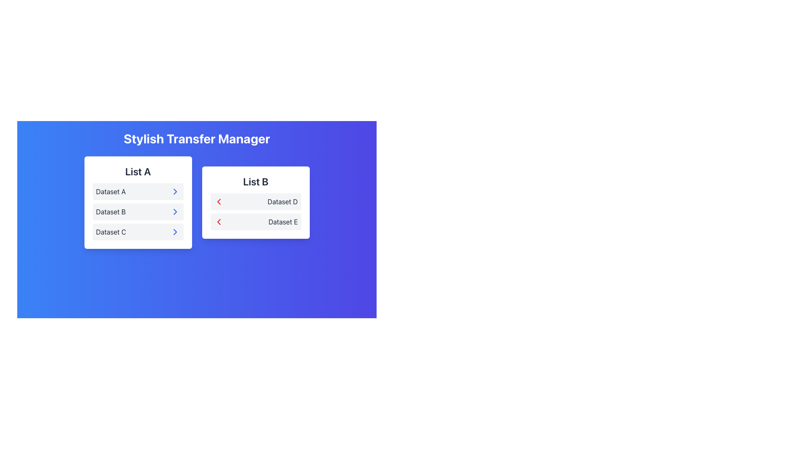  I want to click on the prominent heading with the text 'Stylish Transfer Manager', which is styled in large, bold, white text and centered at the top of the interface against a gradient blue background, so click(196, 138).